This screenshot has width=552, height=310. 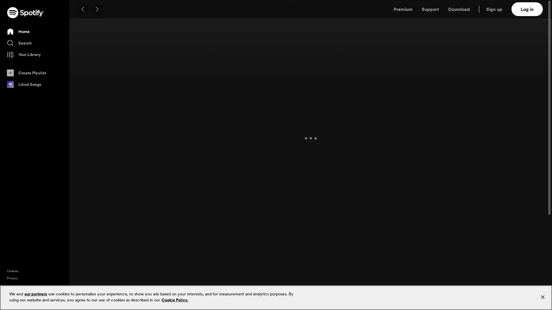 I want to click on Play aesthetic, so click(x=293, y=288).